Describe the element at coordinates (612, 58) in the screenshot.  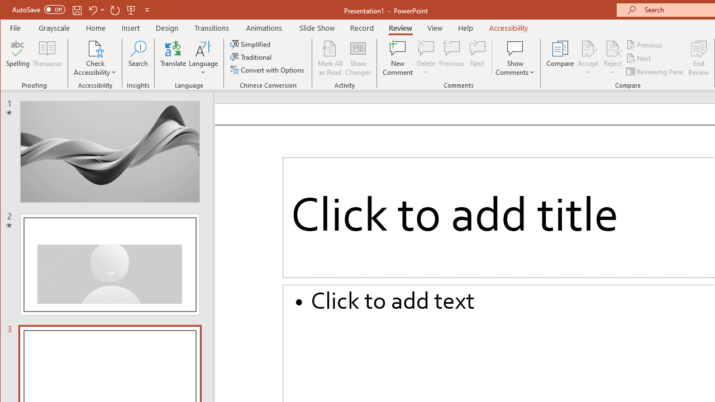
I see `'Reject'` at that location.